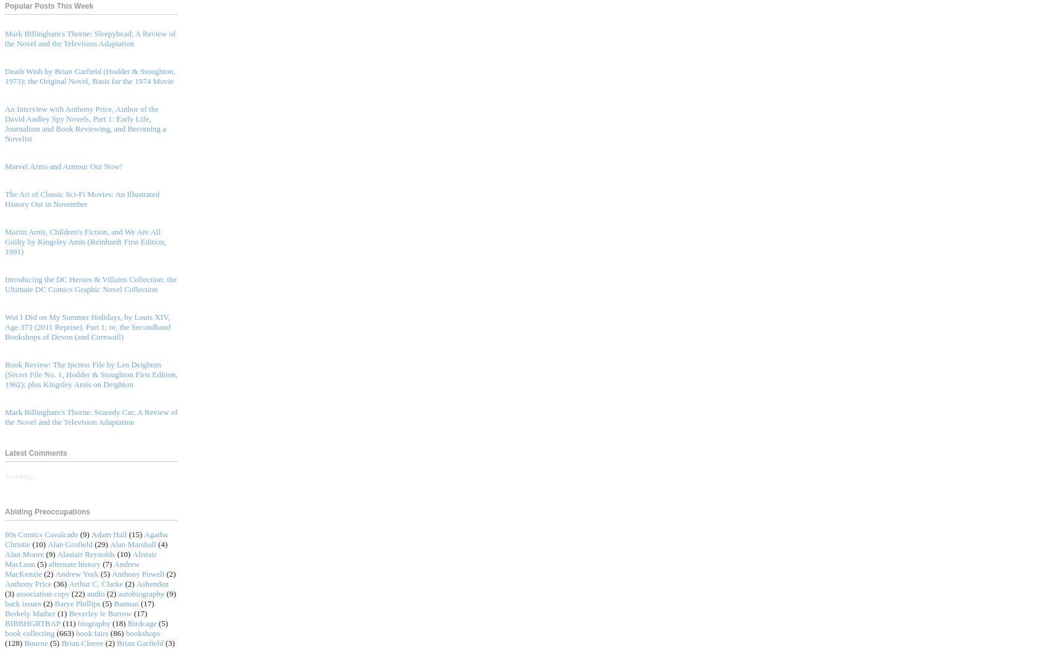  Describe the element at coordinates (100, 543) in the screenshot. I see `'(29)'` at that location.